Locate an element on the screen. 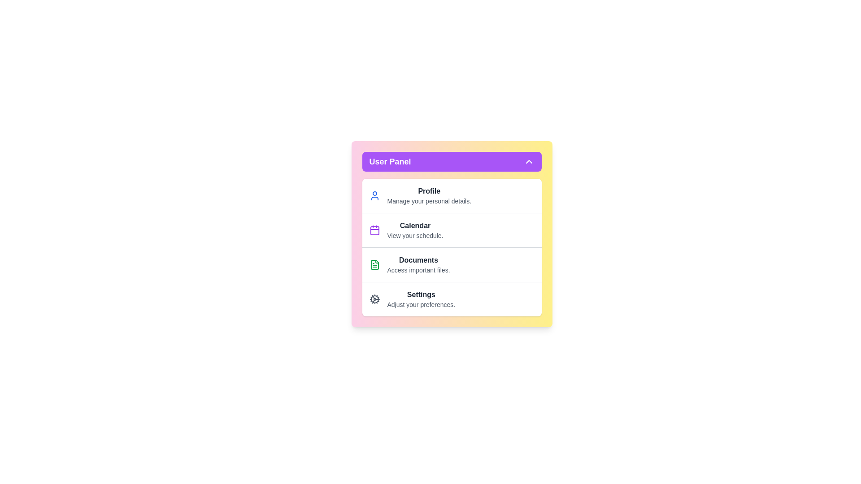 The image size is (861, 484). the fourth text element in the vertically stacked list under the 'User Panel' is located at coordinates (421, 299).